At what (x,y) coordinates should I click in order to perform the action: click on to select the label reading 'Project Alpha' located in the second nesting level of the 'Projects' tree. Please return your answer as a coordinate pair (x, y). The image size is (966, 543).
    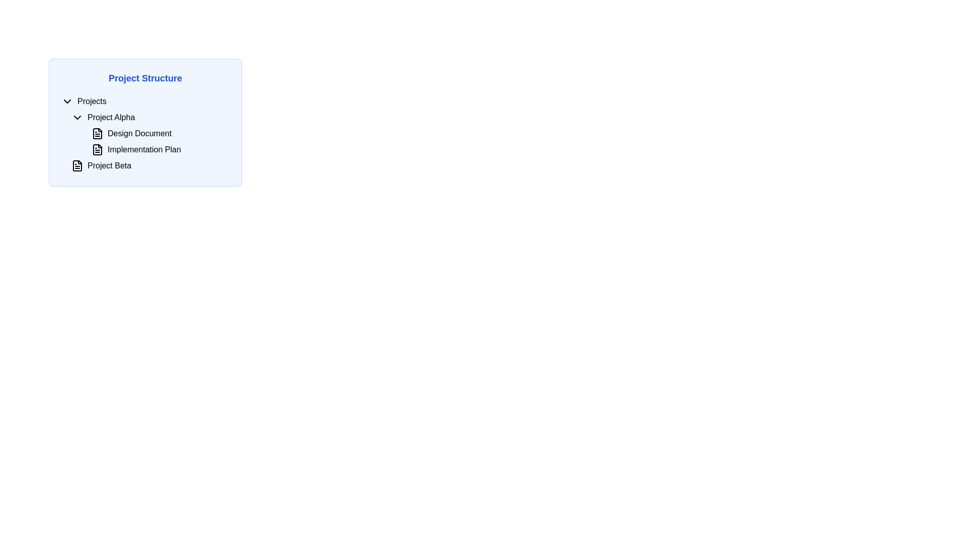
    Looking at the image, I should click on (111, 117).